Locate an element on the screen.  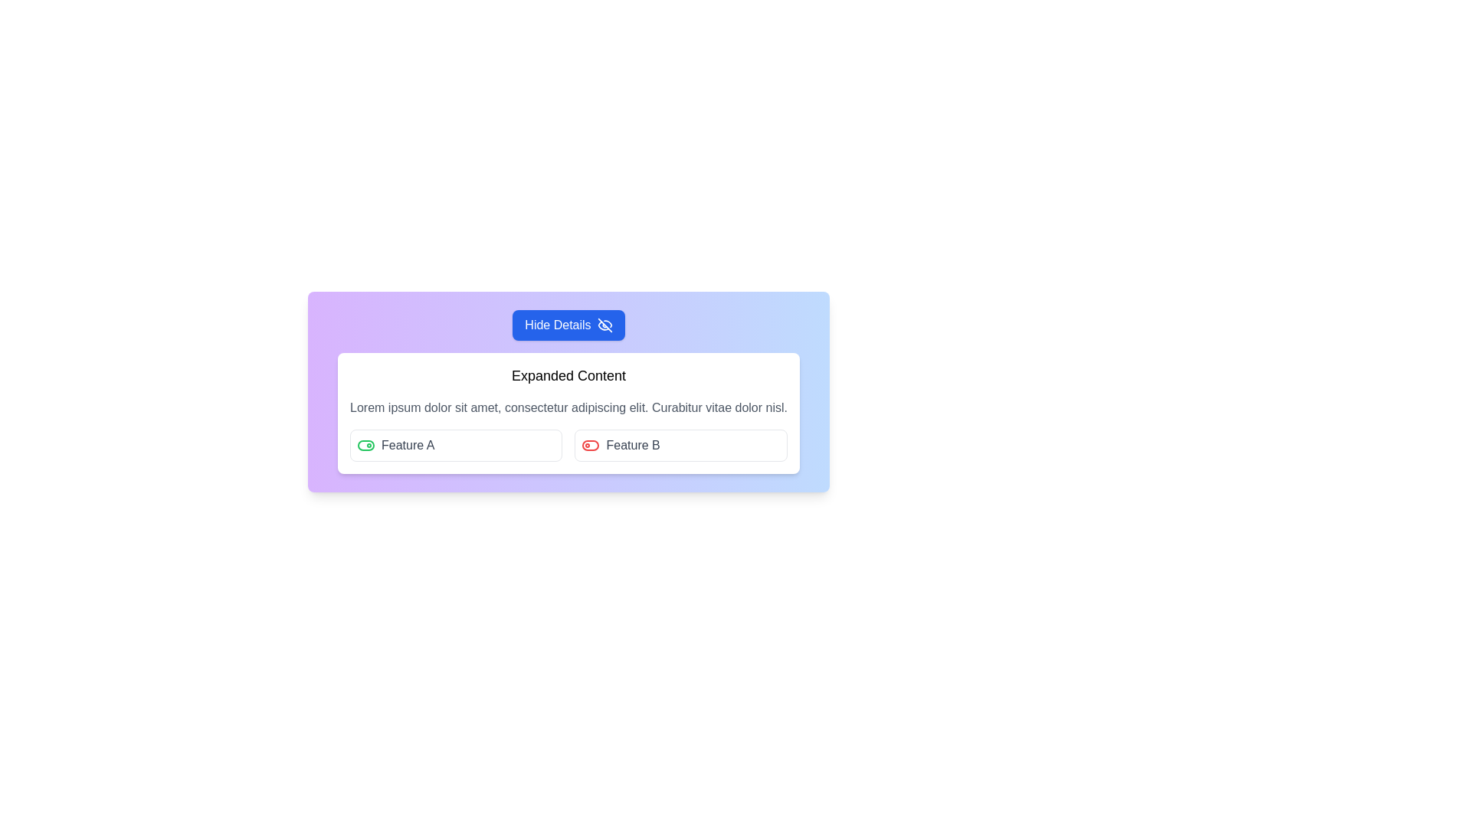
the Toggle background component of the switch located in the lower section of the main interface, which visually indicates the toggle's active or inactive state is located at coordinates (365, 446).